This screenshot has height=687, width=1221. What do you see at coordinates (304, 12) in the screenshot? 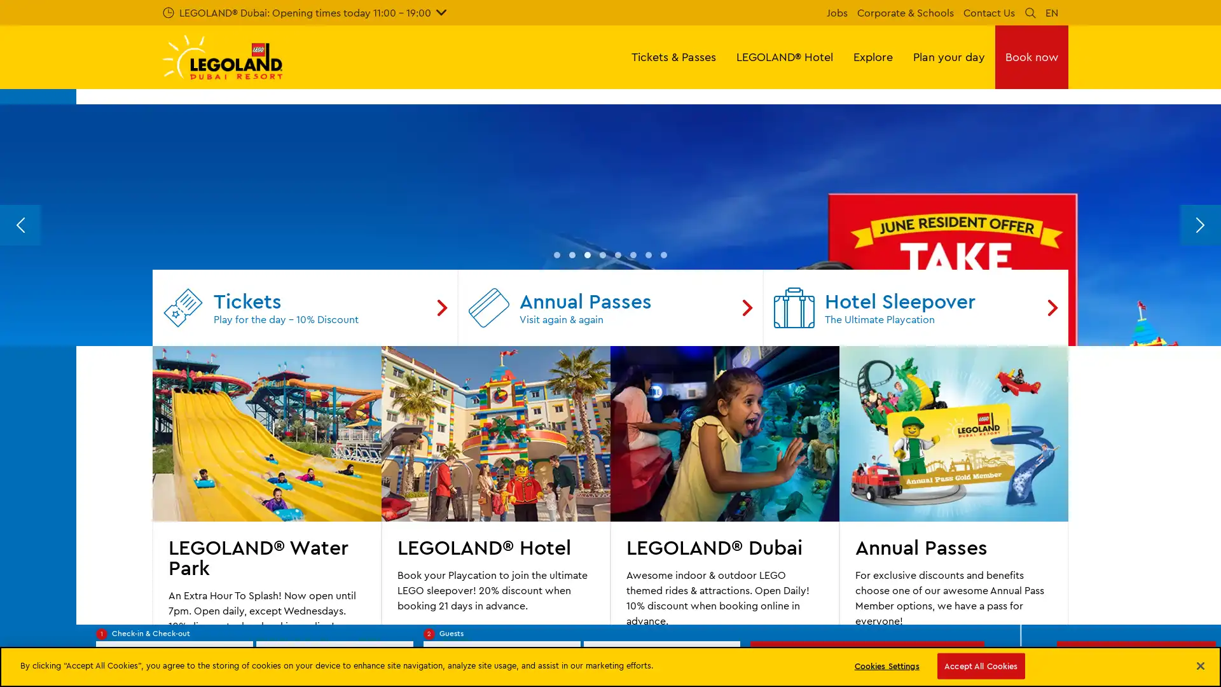
I see `LEGOLAND Dubai: Opening times today 11:00 - 19:00` at bounding box center [304, 12].